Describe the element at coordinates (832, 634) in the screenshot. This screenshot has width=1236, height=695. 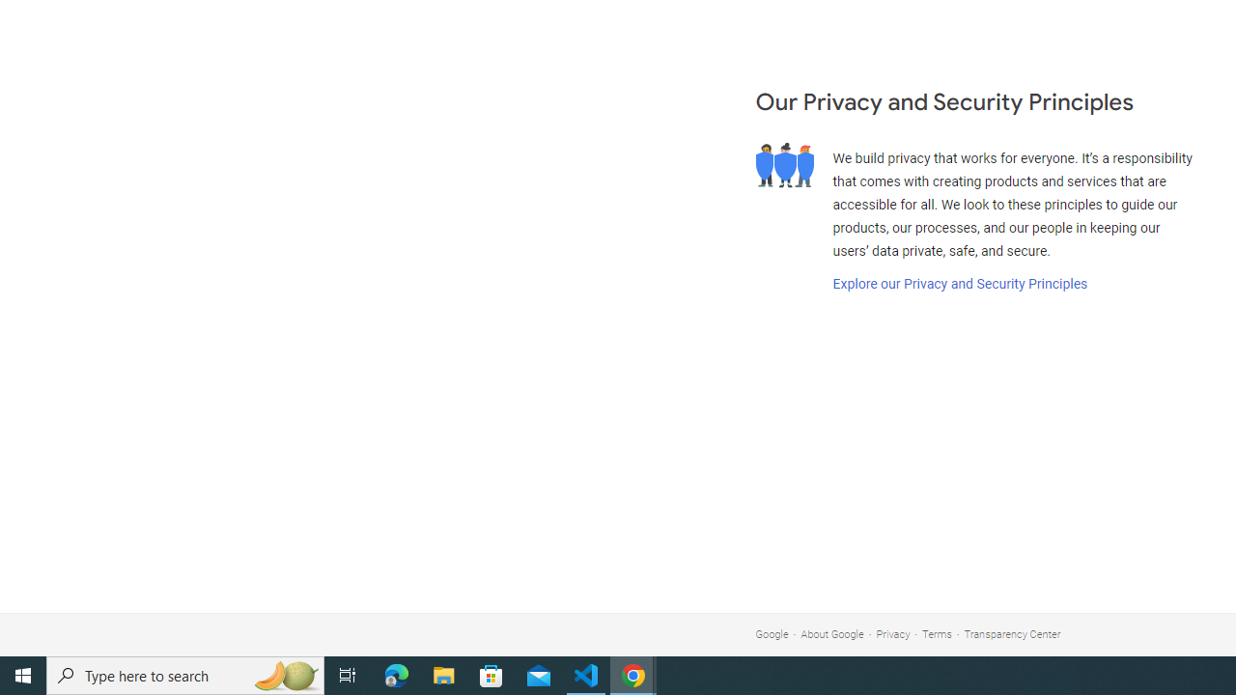
I see `'About Google'` at that location.